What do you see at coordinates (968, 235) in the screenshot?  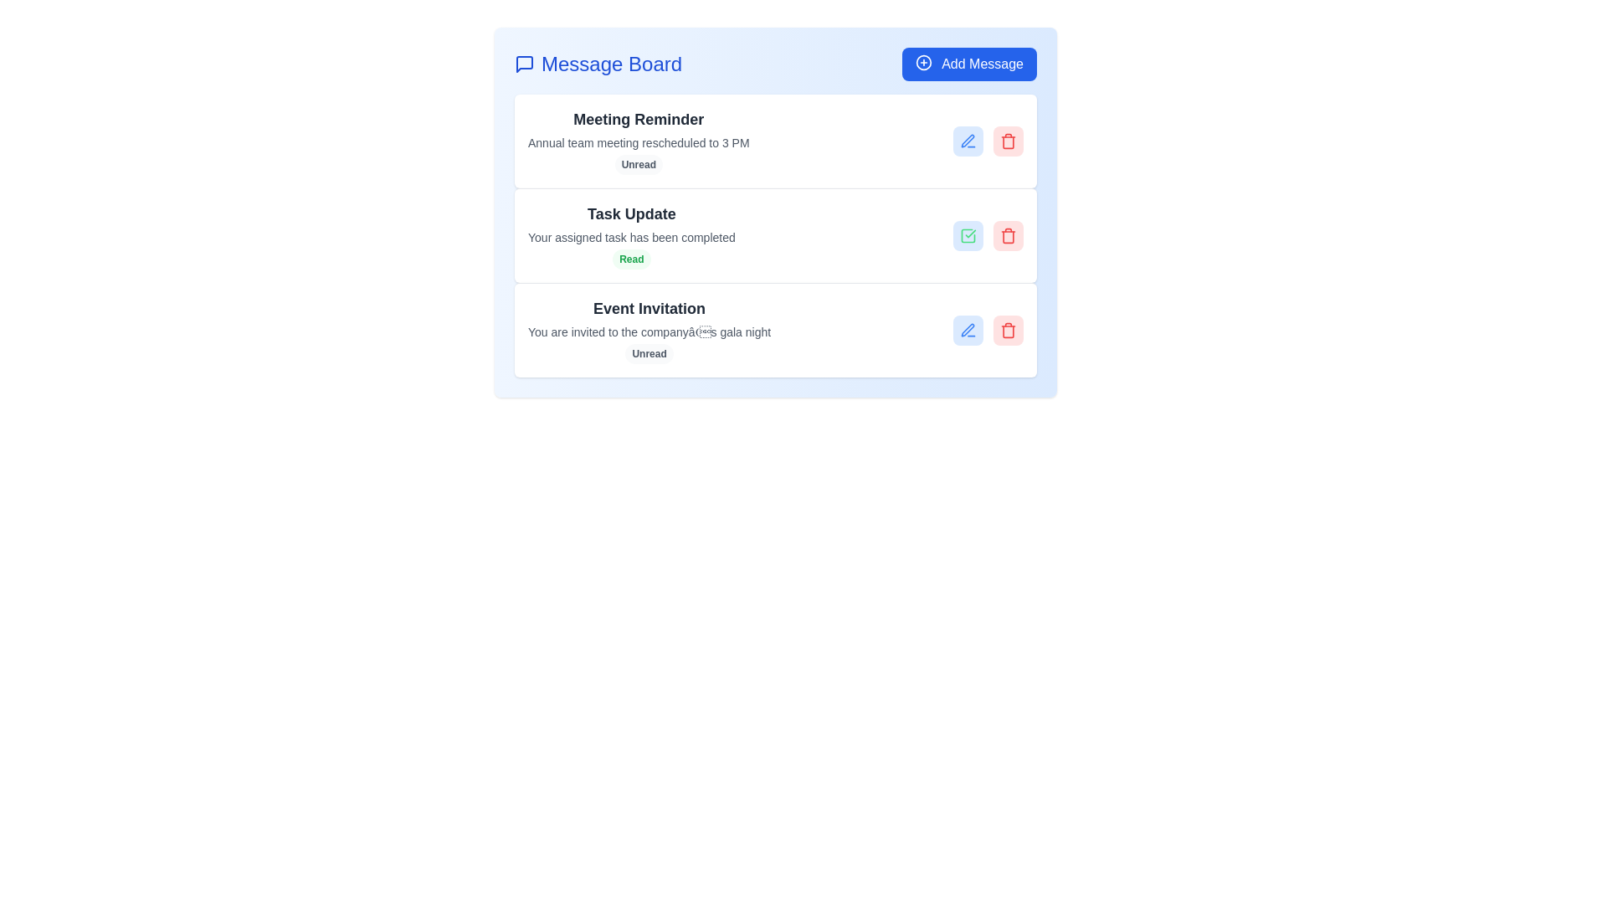 I see `the square-shaped button with a light blue background and a green checkmark icon to mark the task as completed, located within the 'Task Update' message item` at bounding box center [968, 235].